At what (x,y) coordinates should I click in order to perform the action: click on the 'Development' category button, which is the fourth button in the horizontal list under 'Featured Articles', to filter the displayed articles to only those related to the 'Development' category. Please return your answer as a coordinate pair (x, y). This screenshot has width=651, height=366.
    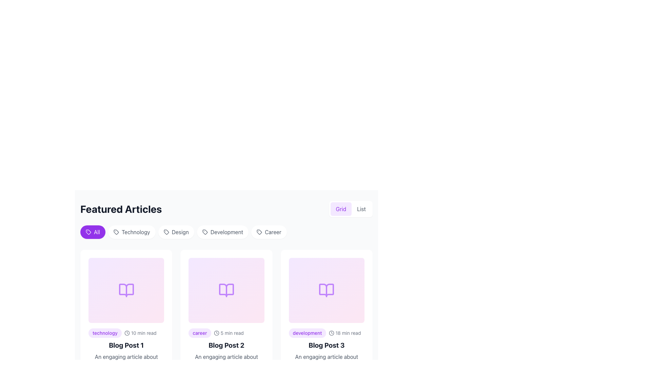
    Looking at the image, I should click on (223, 232).